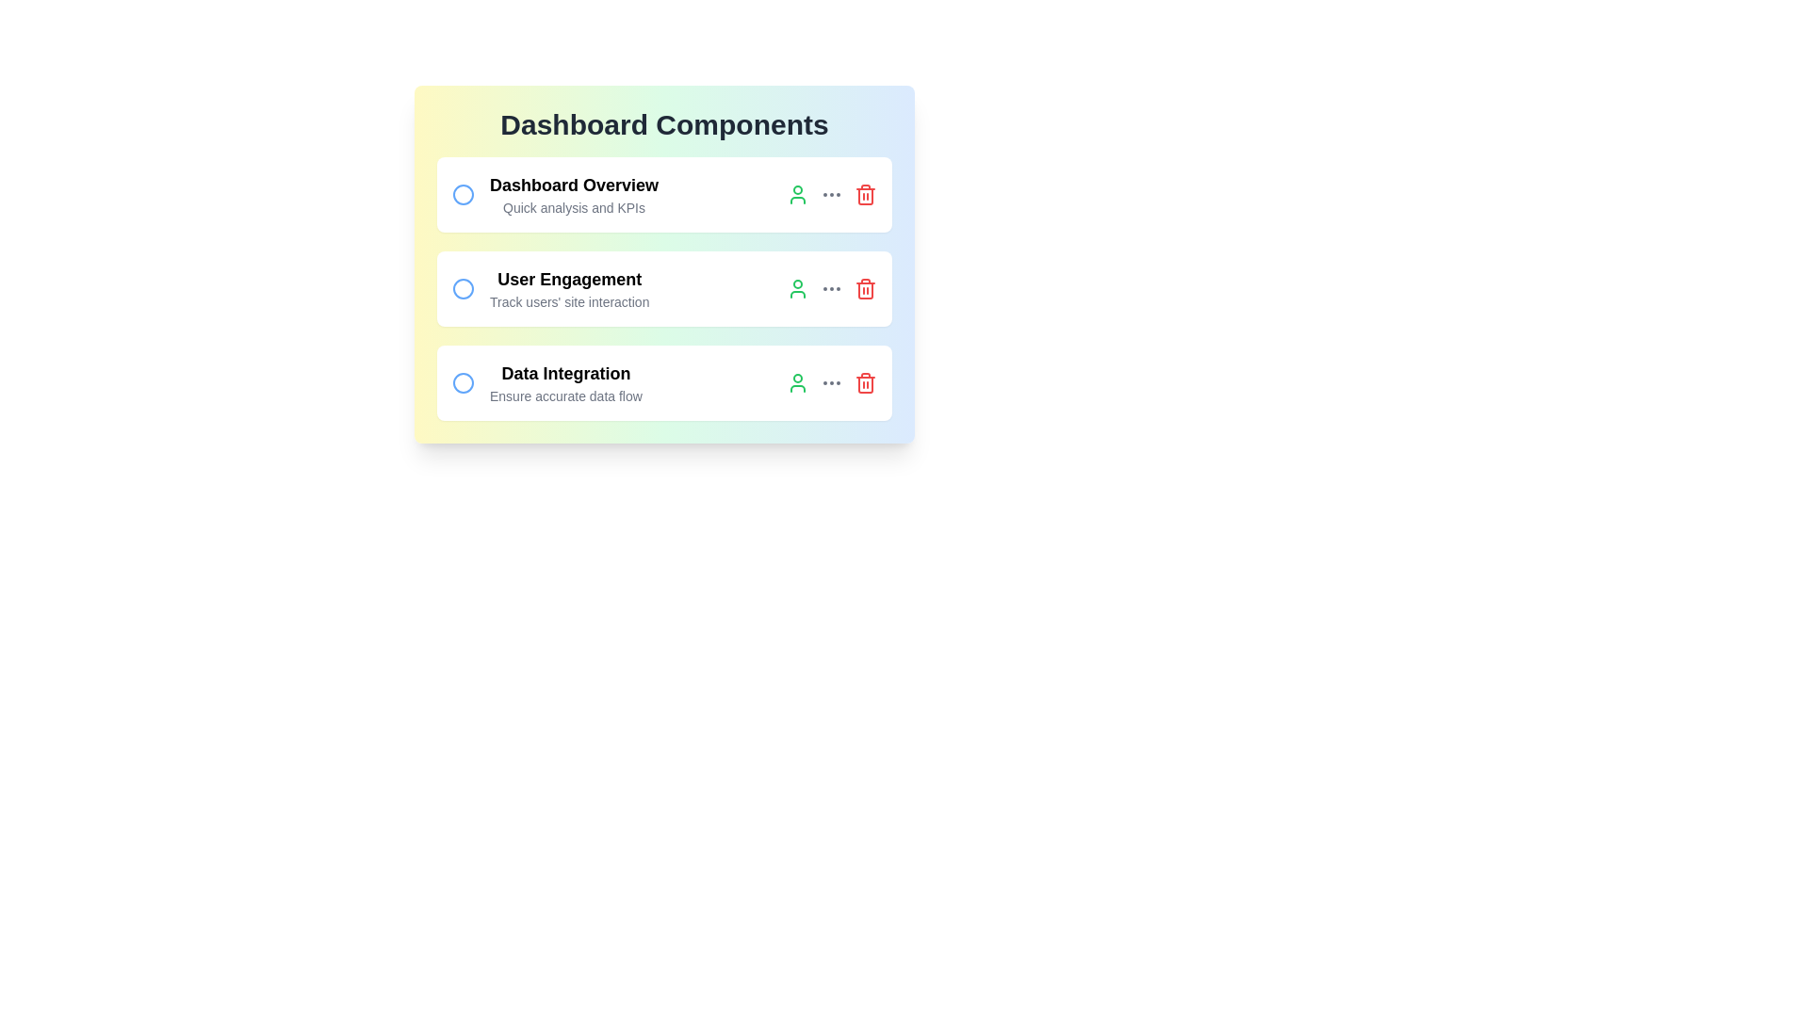 Image resolution: width=1809 pixels, height=1017 pixels. What do you see at coordinates (664, 265) in the screenshot?
I see `the background gradient to trigger a visual effect` at bounding box center [664, 265].